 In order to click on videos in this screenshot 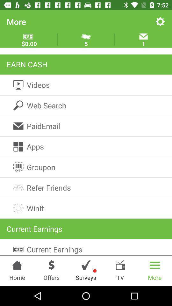, I will do `click(86, 84)`.